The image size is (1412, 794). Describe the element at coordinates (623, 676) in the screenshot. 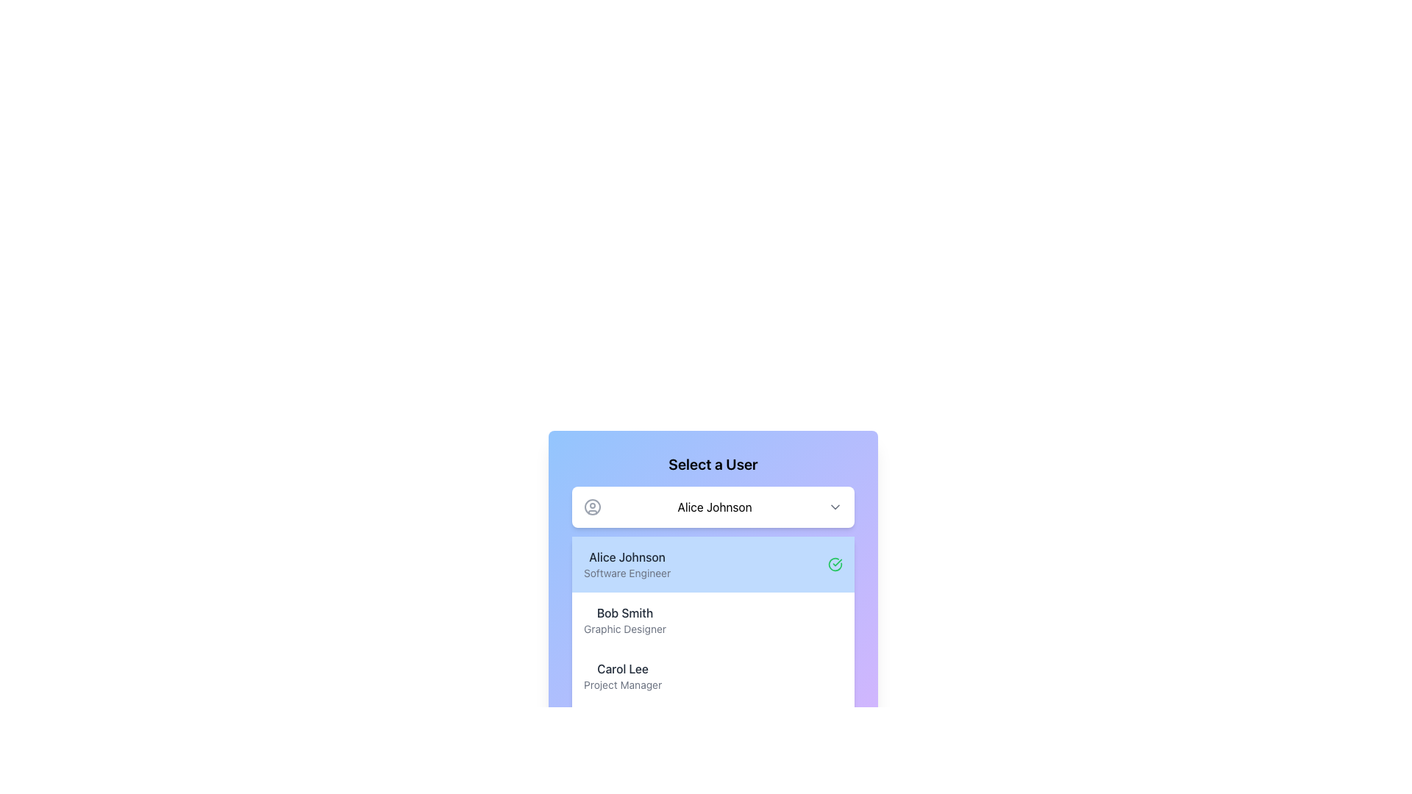

I see `the user entry for 'Carol Lee,' the third user listed under 'Select a User,' to initiate interaction` at that location.